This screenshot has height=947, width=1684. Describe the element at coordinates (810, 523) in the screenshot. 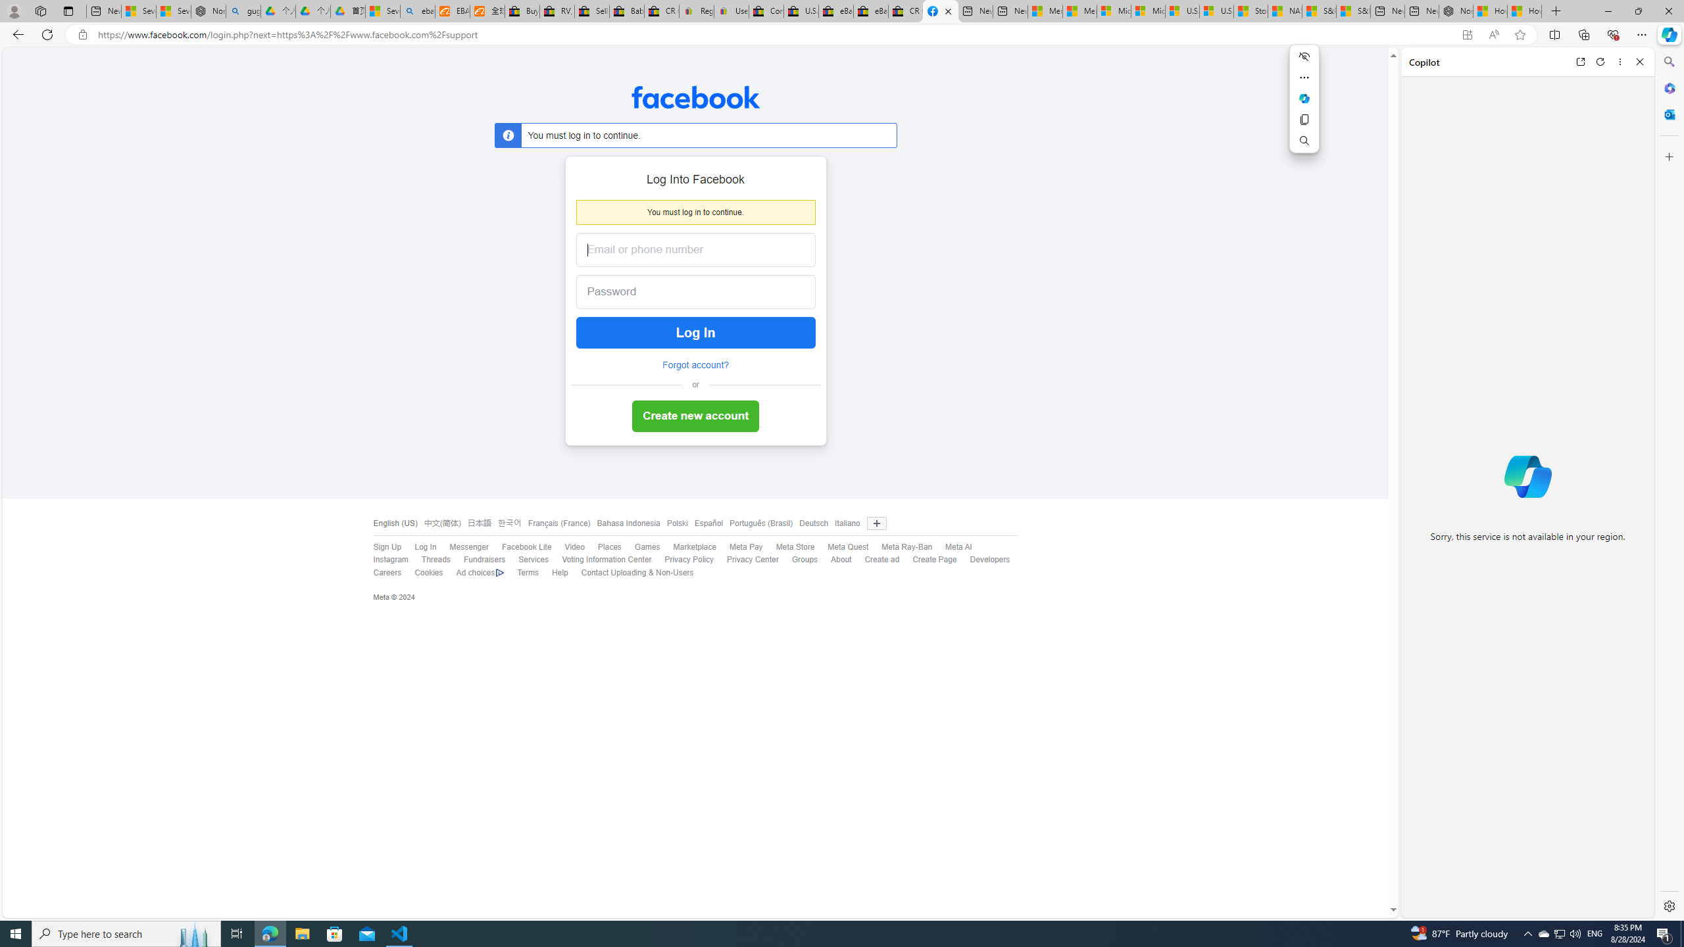

I see `'Deutsch'` at that location.